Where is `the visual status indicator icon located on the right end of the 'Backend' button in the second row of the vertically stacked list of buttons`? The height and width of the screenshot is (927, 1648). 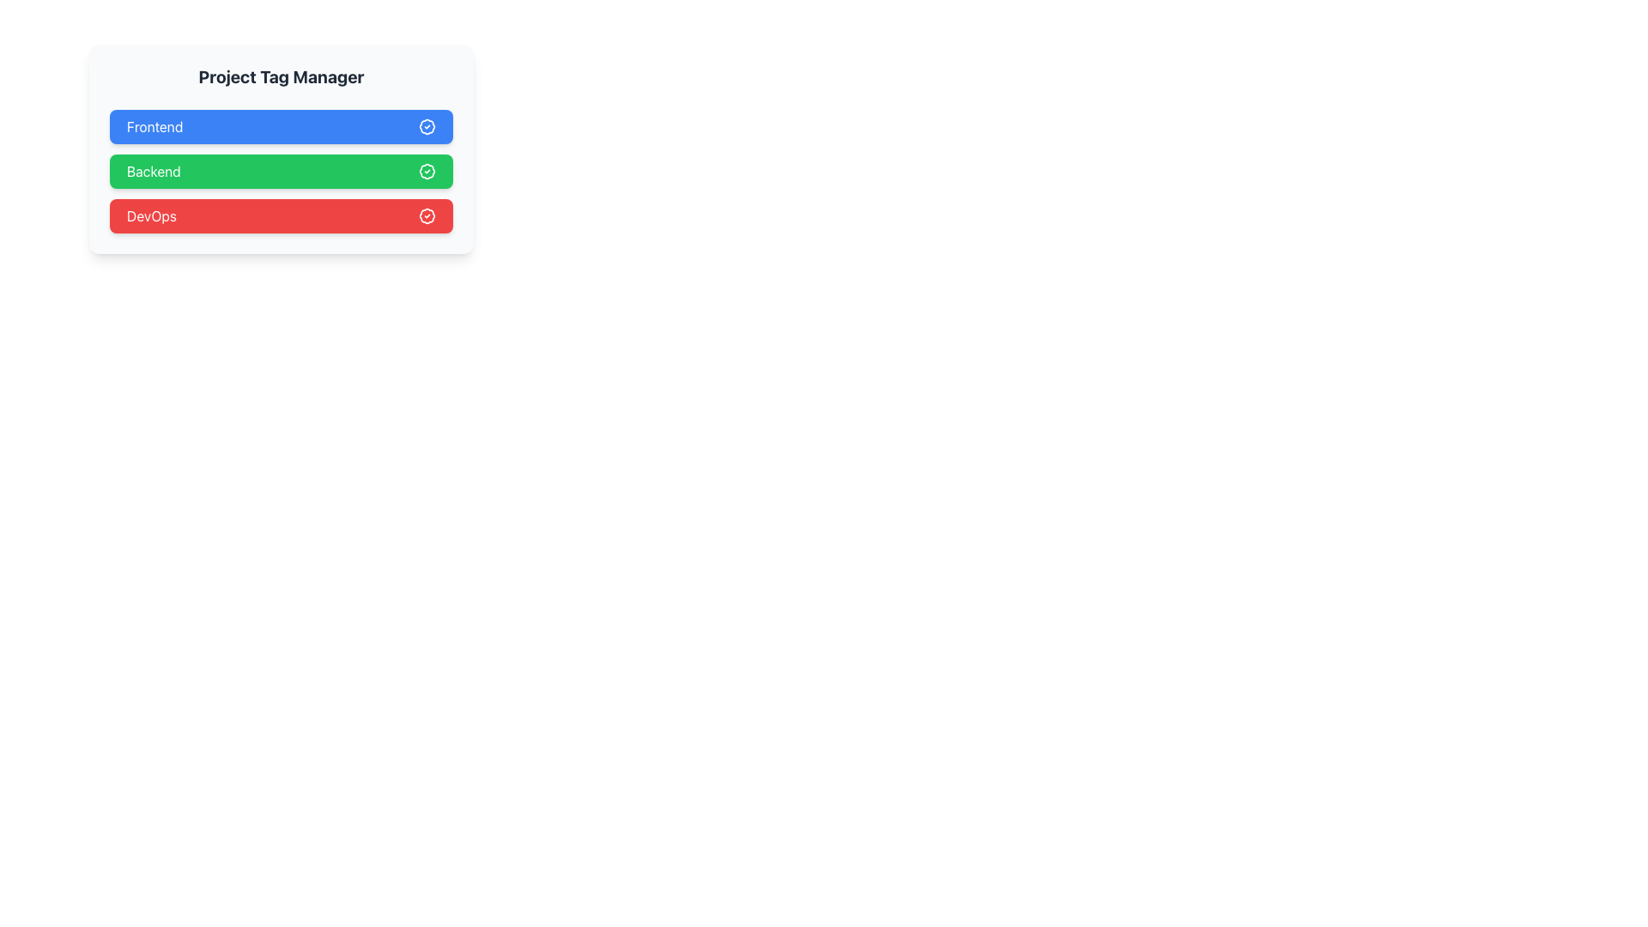
the visual status indicator icon located on the right end of the 'Backend' button in the second row of the vertically stacked list of buttons is located at coordinates (427, 172).